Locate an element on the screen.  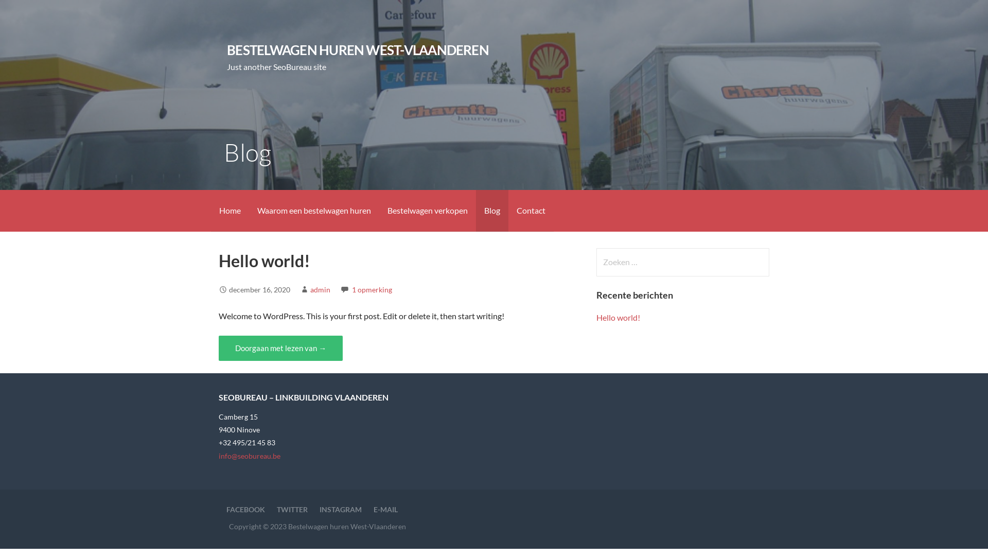
'Home' is located at coordinates (229, 210).